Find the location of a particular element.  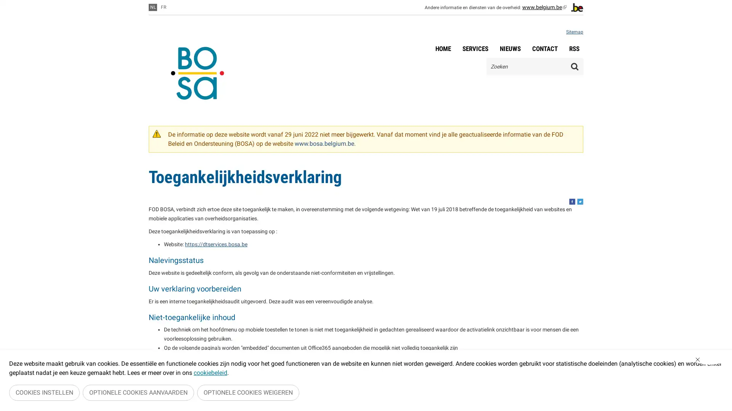

Share this, facebook. This button opens a new window is located at coordinates (572, 201).